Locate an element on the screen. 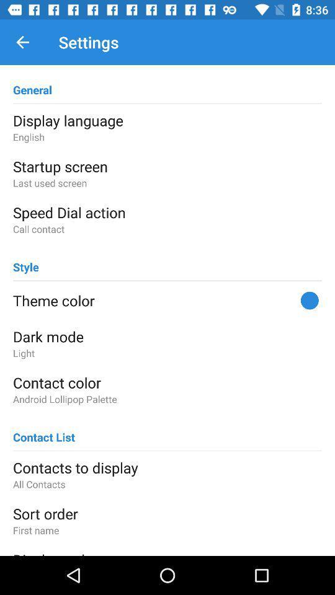 This screenshot has width=335, height=595. the contact list icon is located at coordinates (43, 431).